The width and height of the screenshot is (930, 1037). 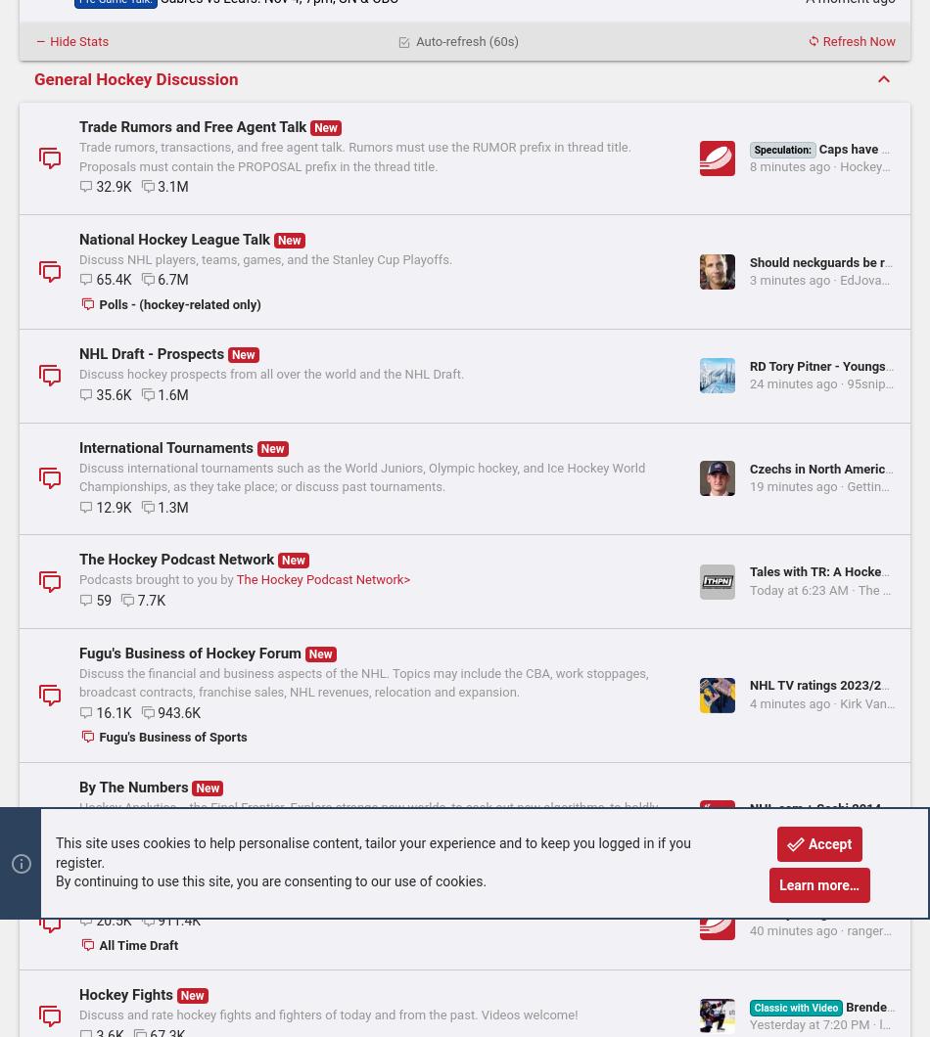 What do you see at coordinates (79, 865) in the screenshot?
I see `'Discuss the financial and business aspects of the NHL. Topics may include the CBA, work stoppages, broadcast contracts, franchise sales, NHL revenues, relocation and expansion.'` at bounding box center [79, 865].